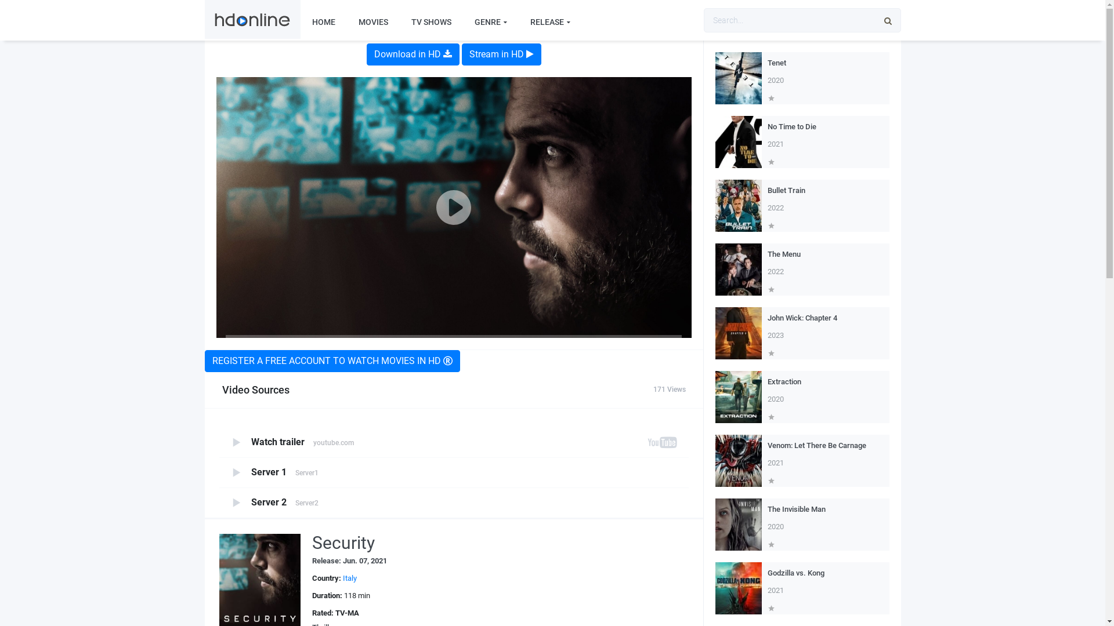  I want to click on 'RELEASE', so click(549, 22).